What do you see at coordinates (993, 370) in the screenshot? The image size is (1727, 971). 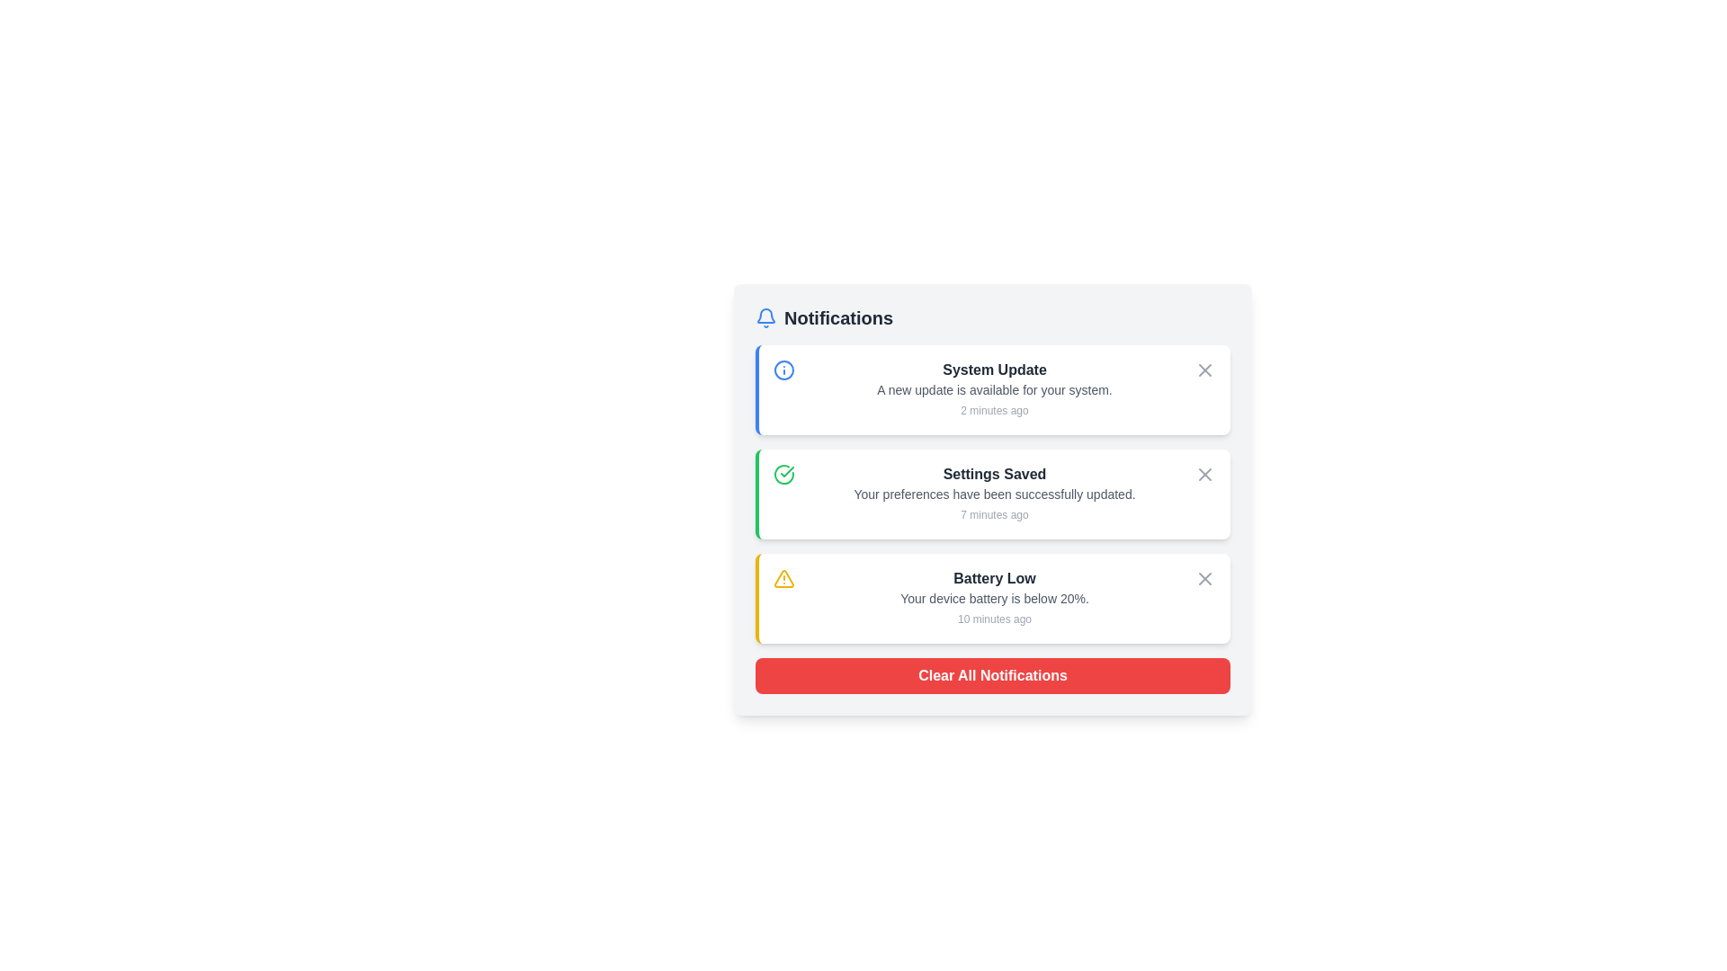 I see `text label displaying 'System Update' which is prominently styled in bold black text at the top of the notification card` at bounding box center [993, 370].